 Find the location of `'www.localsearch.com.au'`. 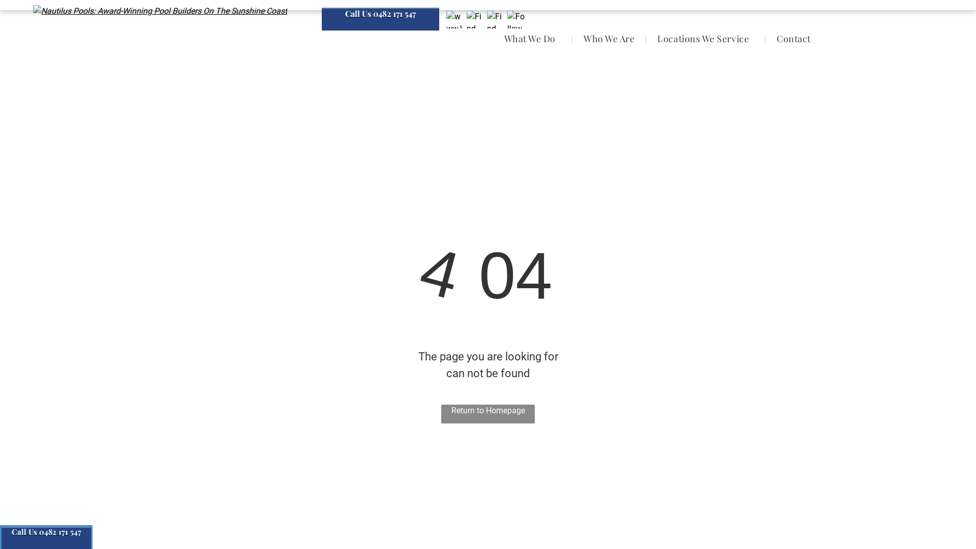

'www.localsearch.com.au' is located at coordinates (454, 19).